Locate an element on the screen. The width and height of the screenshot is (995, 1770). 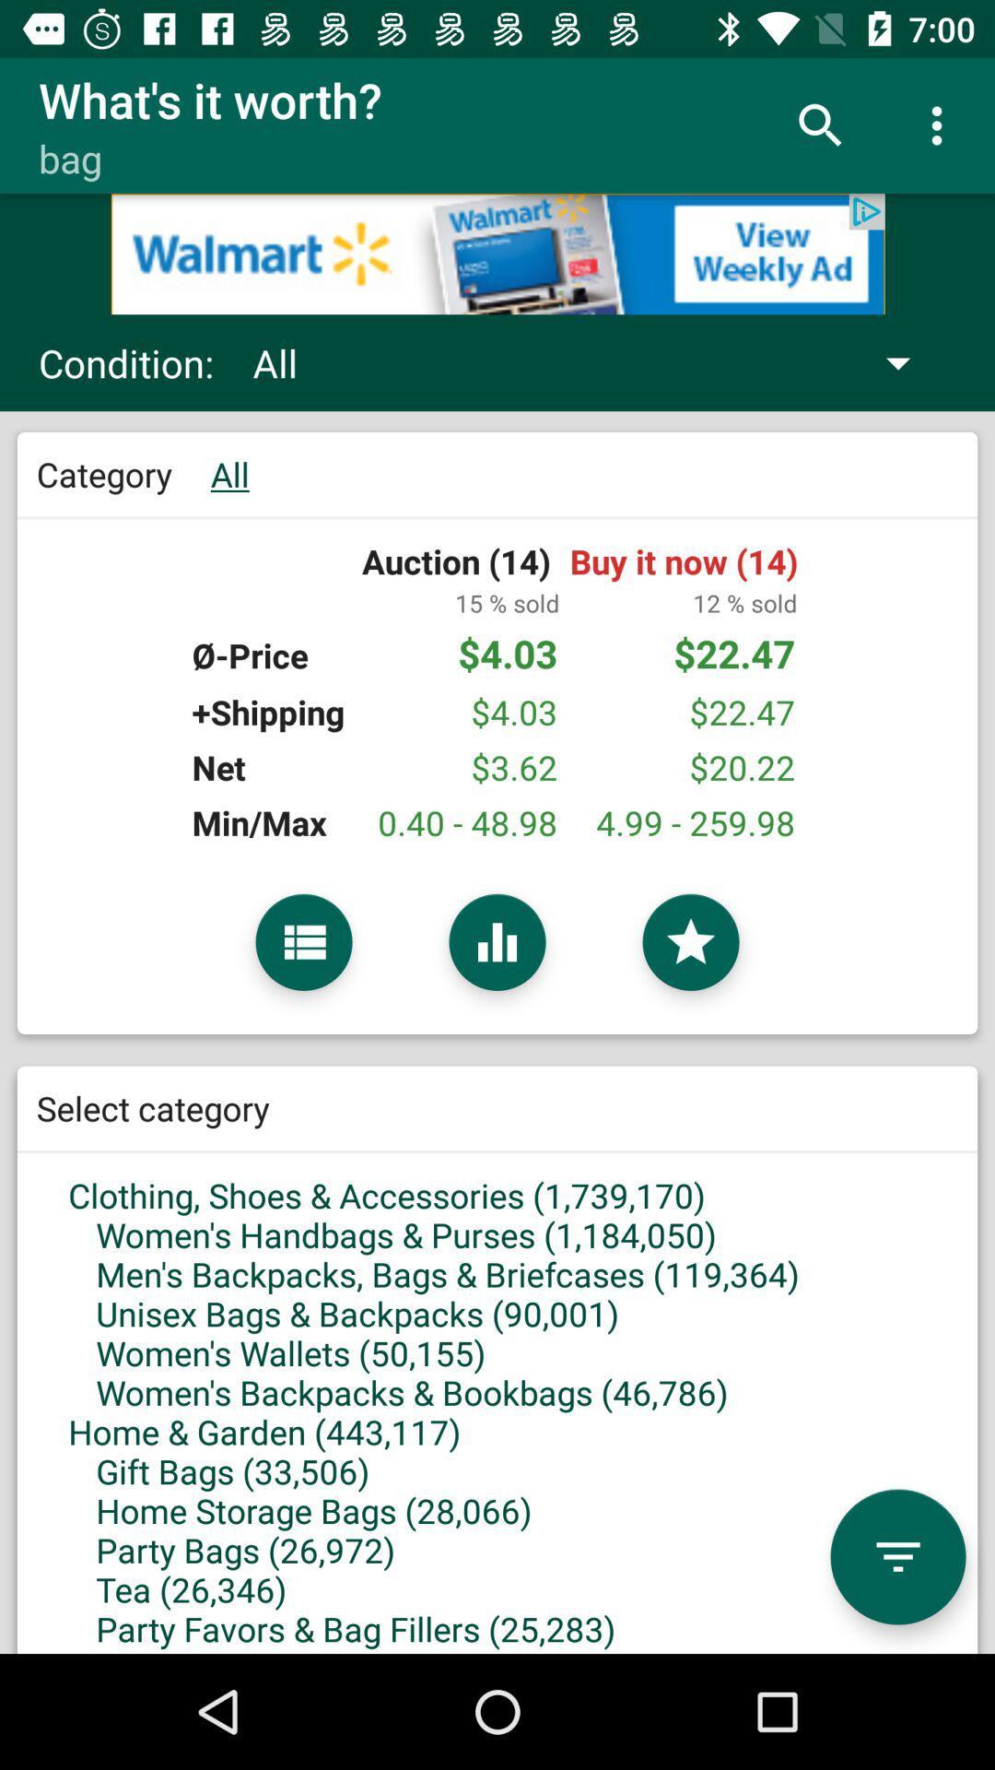
open context menu is located at coordinates (303, 942).